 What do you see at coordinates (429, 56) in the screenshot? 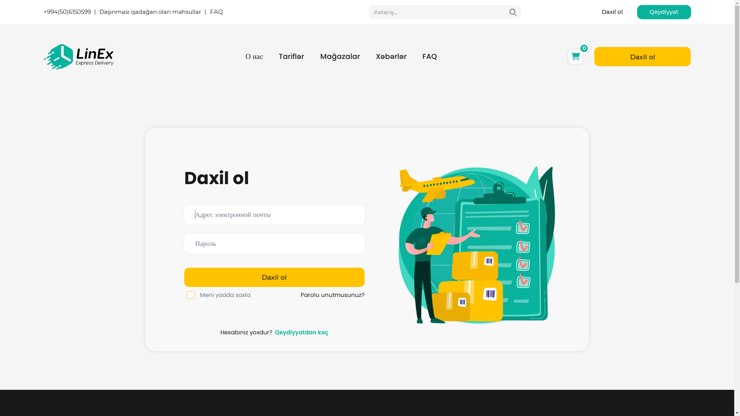
I see `'FAQ'` at bounding box center [429, 56].